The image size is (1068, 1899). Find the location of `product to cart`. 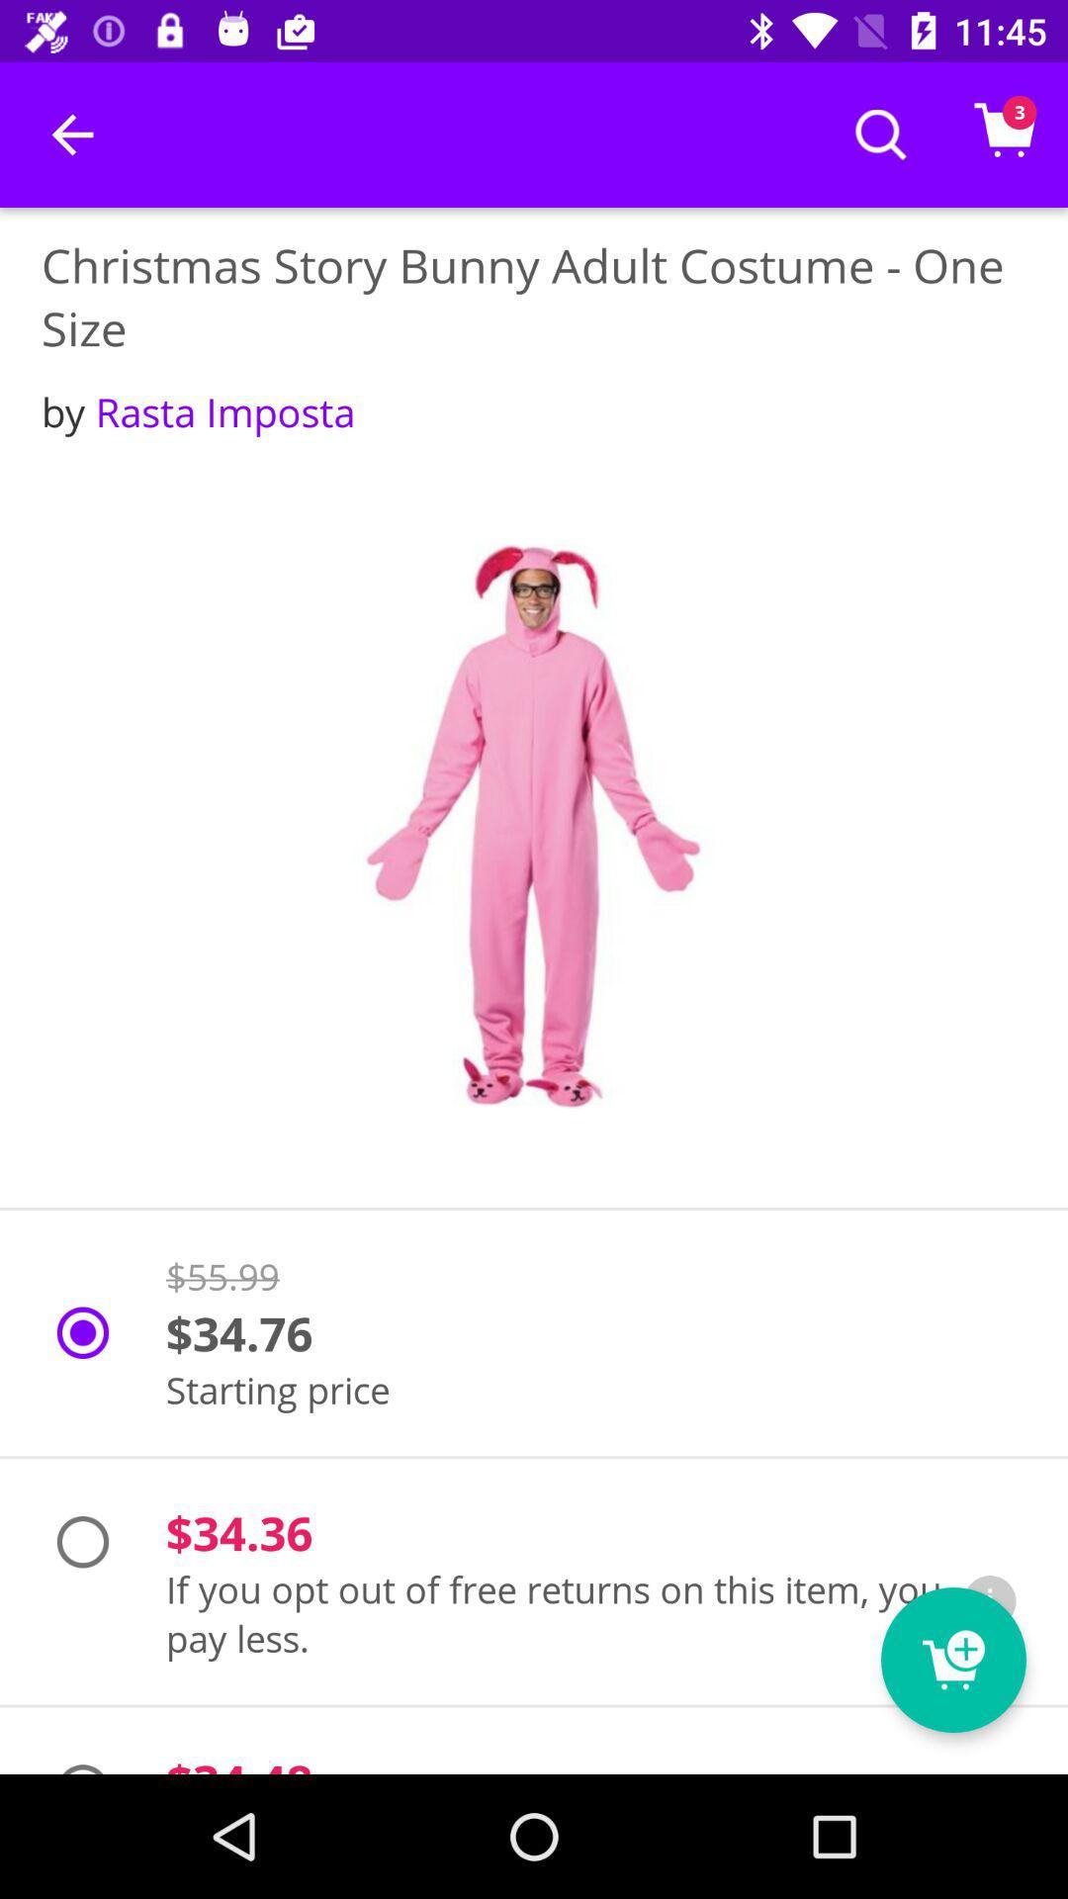

product to cart is located at coordinates (952, 1660).